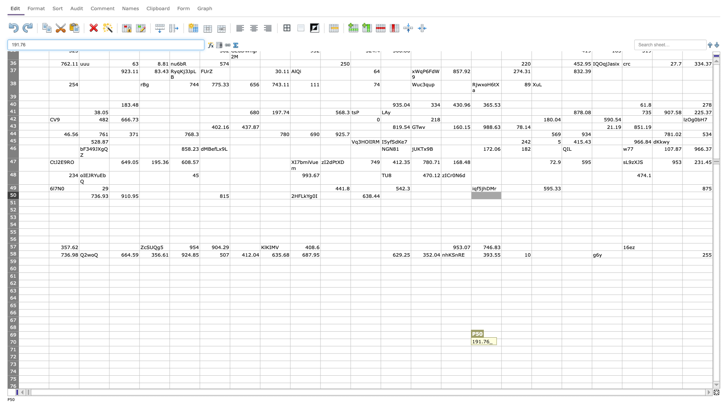 The image size is (724, 407). I want to click on bottom right corner of R70, so click(561, 346).